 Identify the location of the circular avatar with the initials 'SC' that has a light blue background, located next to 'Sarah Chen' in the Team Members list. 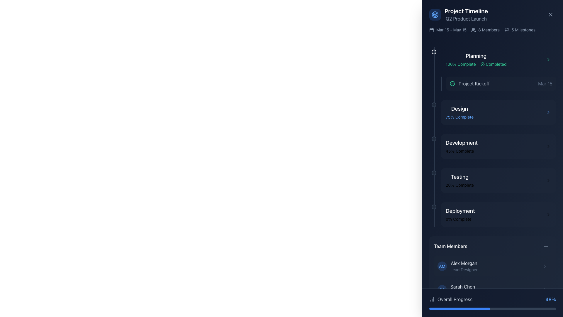
(442, 289).